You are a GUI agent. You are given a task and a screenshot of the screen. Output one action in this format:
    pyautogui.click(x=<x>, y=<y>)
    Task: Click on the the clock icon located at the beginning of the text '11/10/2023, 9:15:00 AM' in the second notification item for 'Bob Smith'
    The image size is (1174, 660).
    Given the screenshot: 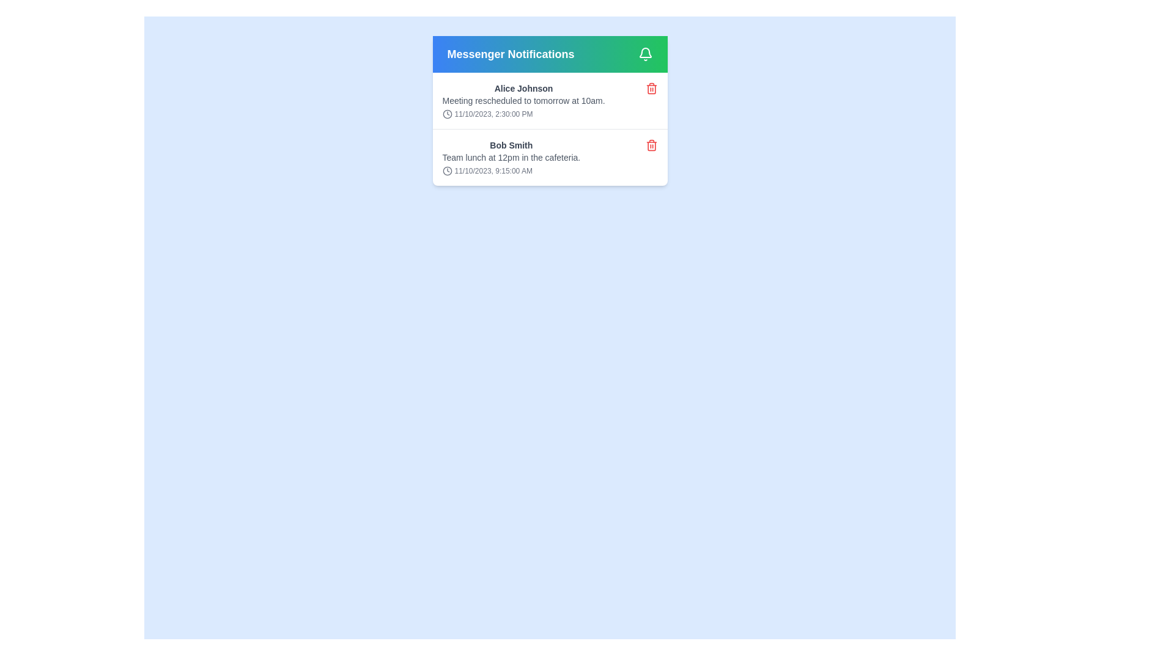 What is the action you would take?
    pyautogui.click(x=446, y=171)
    